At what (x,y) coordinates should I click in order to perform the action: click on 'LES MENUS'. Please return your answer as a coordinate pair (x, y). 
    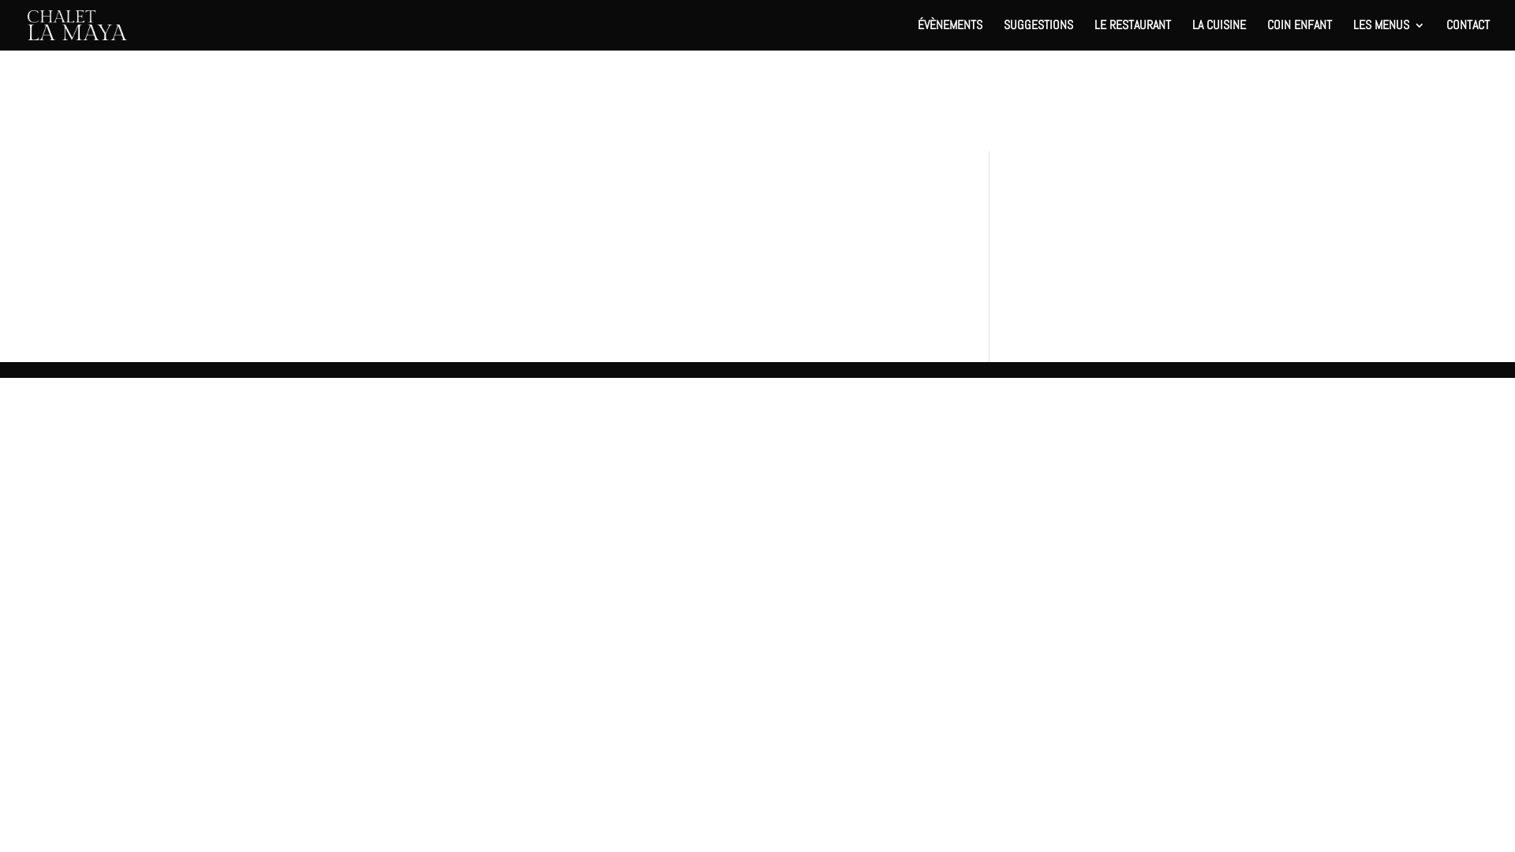
    Looking at the image, I should click on (1389, 35).